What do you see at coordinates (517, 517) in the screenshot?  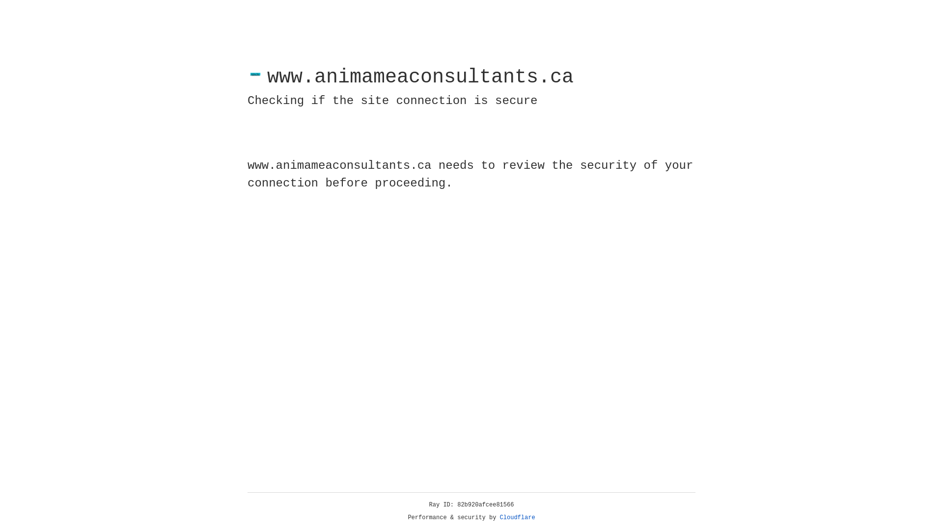 I see `'Cloudflare'` at bounding box center [517, 517].